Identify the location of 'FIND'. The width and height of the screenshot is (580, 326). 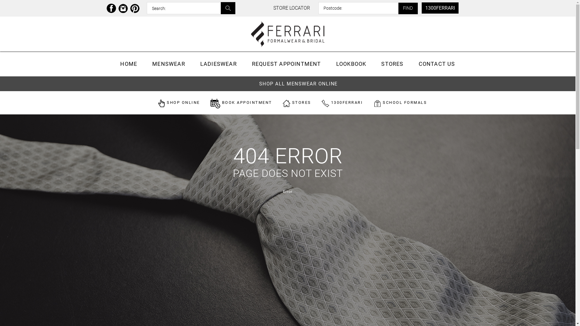
(408, 8).